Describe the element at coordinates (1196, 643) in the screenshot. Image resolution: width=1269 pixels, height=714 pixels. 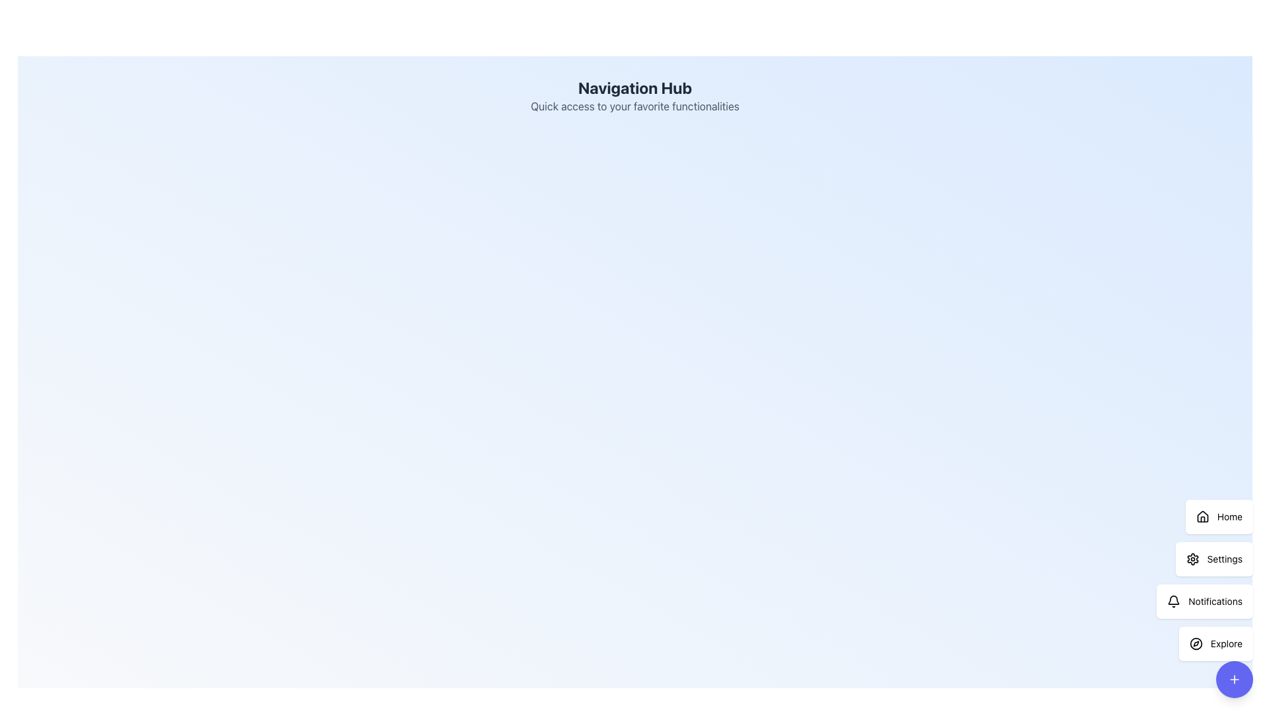
I see `the compass icon in the 'Explore' button, which is the fourth entry in the vertical menu on the right side of the interface, positioned above a circular purple button and below the 'Notifications' button` at that location.